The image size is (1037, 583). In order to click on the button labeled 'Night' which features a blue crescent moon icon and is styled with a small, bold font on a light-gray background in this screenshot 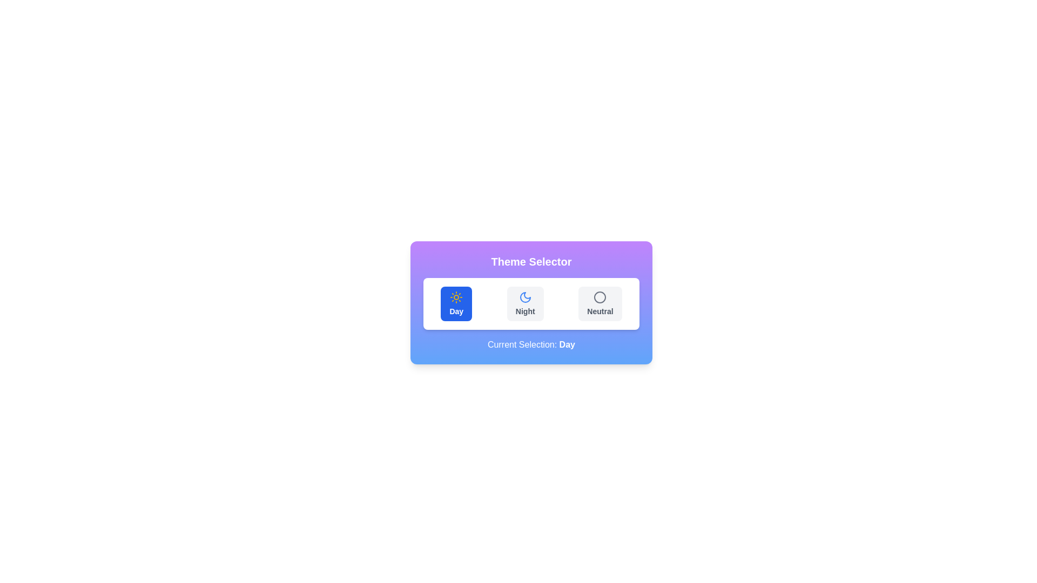, I will do `click(525, 304)`.